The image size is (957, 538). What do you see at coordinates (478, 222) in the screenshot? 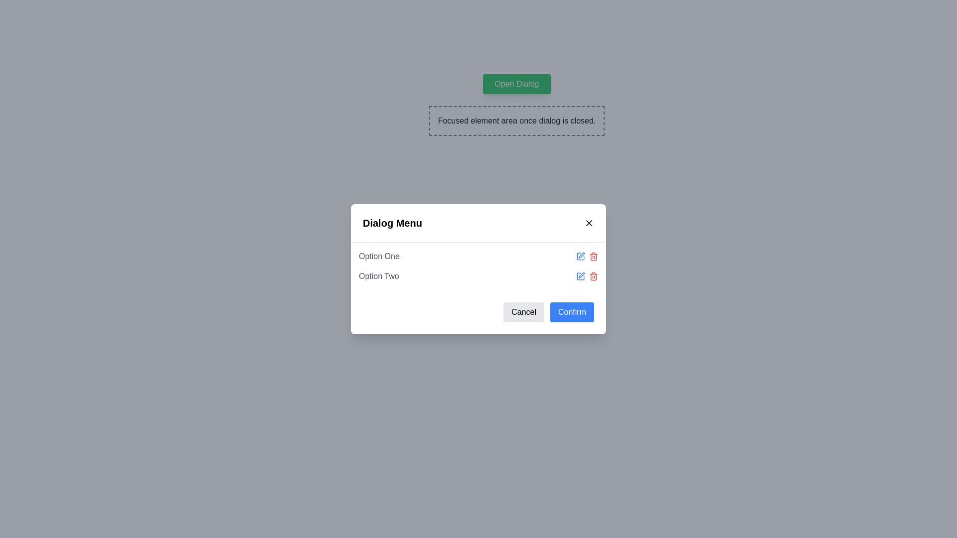
I see `the dialog box header indicating 'Dialog Menu' to emphasize the title of the dialog` at bounding box center [478, 222].